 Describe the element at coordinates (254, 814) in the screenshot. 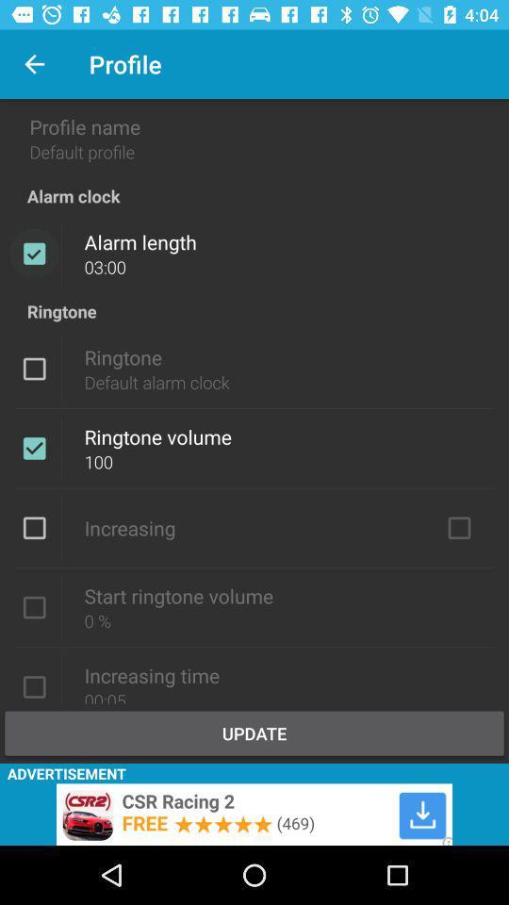

I see `the add image` at that location.